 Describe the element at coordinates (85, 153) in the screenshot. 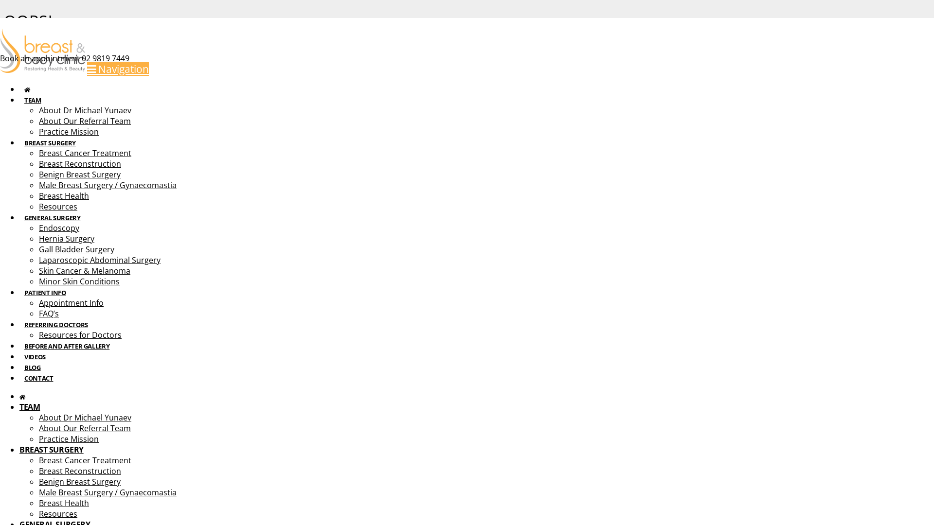

I see `'Breast Cancer Treatment'` at that location.